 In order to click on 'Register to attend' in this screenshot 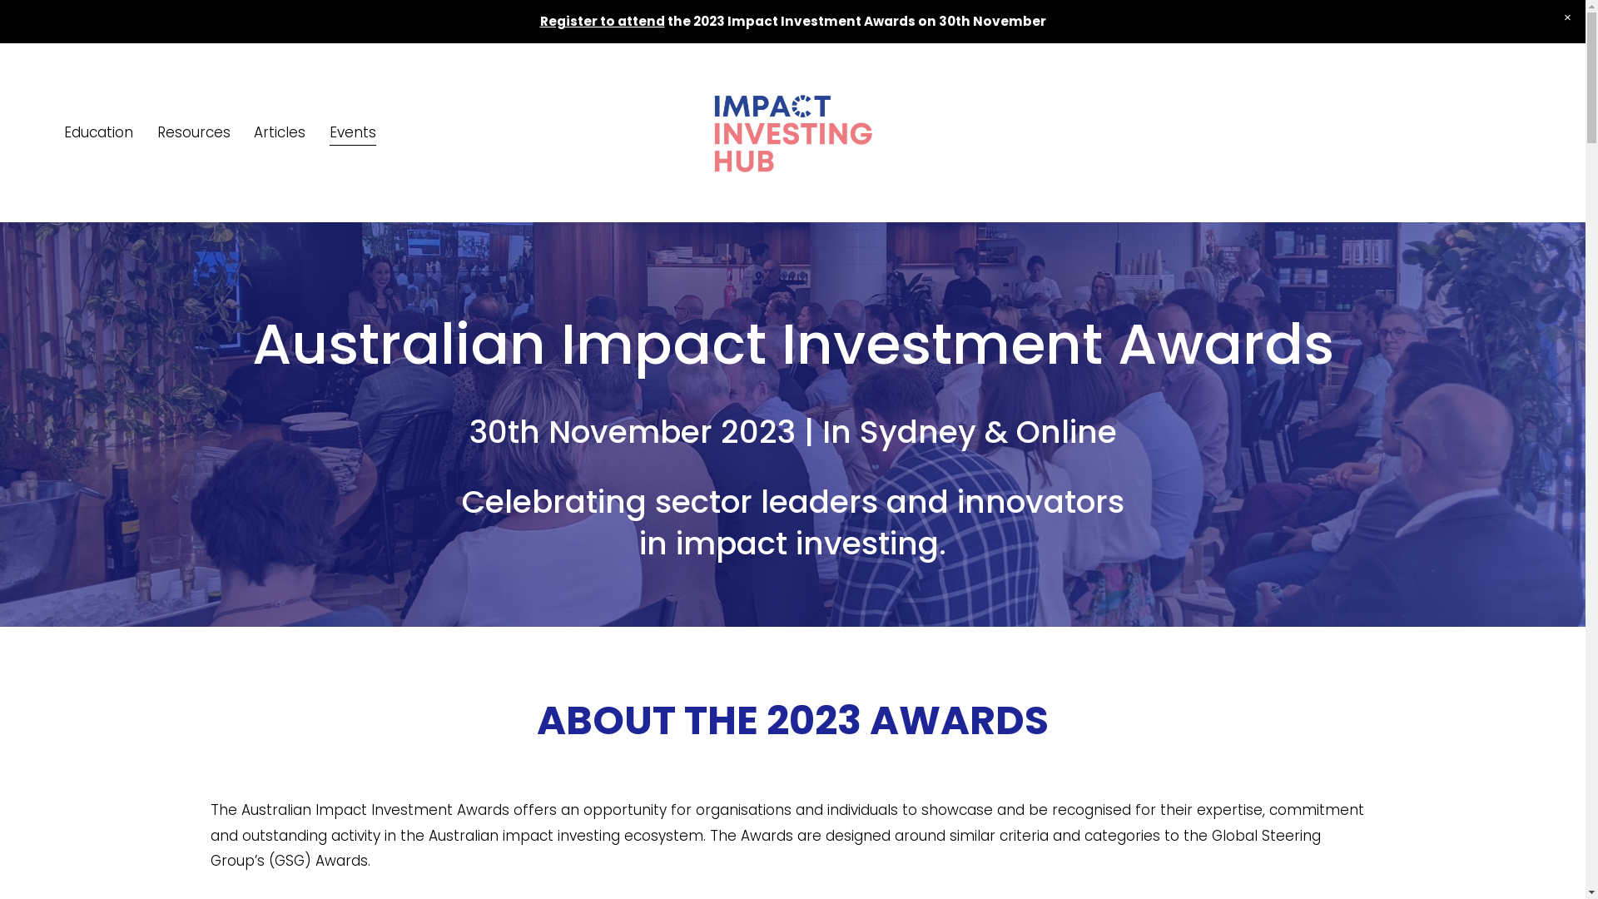, I will do `click(601, 21)`.